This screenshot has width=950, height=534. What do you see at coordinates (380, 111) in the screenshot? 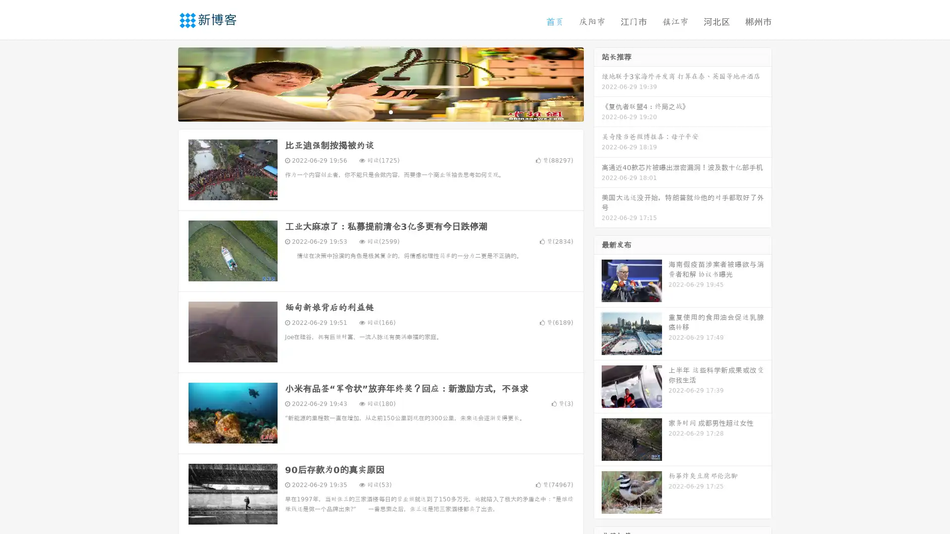
I see `Go to slide 2` at bounding box center [380, 111].